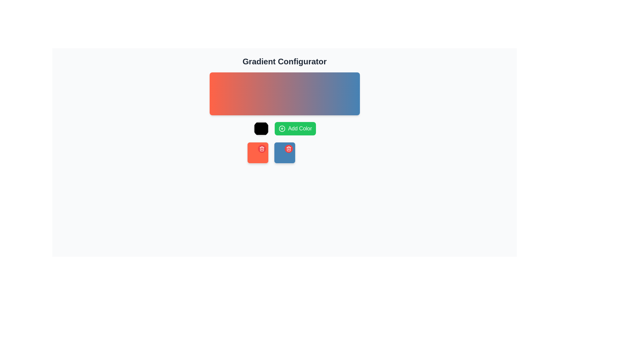  I want to click on the small circular button with a red background and a white trash can icon located in the top-right corner of the red square box, so click(261, 148).